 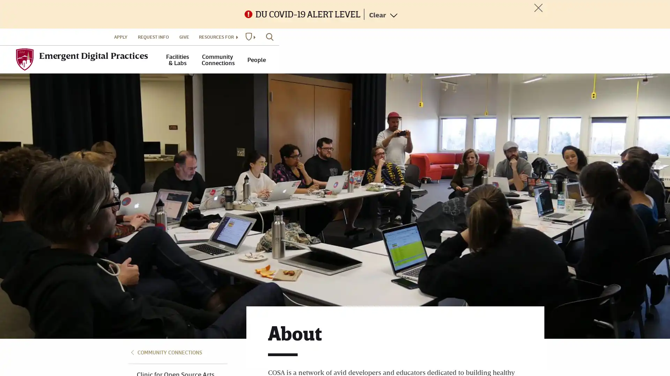 What do you see at coordinates (534, 37) in the screenshot?
I see `SEARCH` at bounding box center [534, 37].